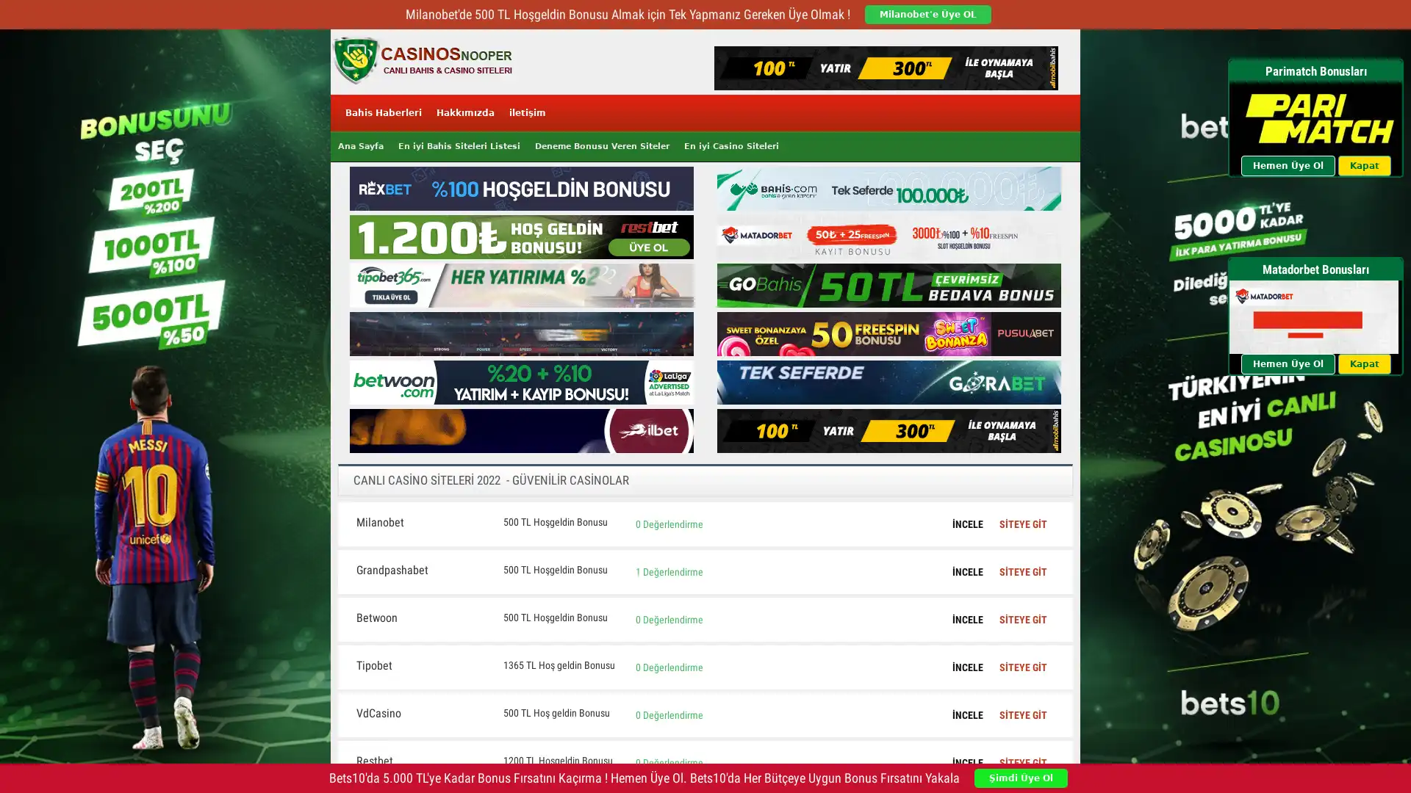 This screenshot has width=1411, height=793. I want to click on Kapat, so click(1363, 363).